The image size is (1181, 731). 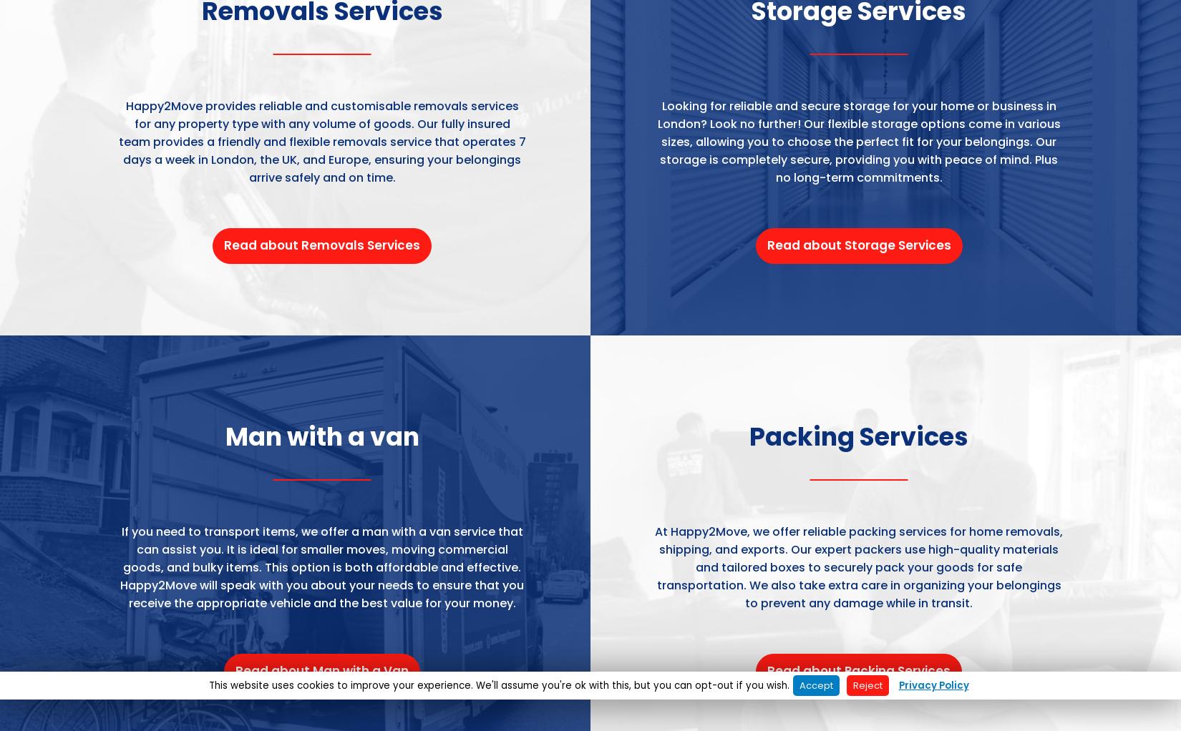 What do you see at coordinates (497, 685) in the screenshot?
I see `'This website uses cookies to improve your experience. We'll assume you're ok with this, but you can opt-out if you wish.'` at bounding box center [497, 685].